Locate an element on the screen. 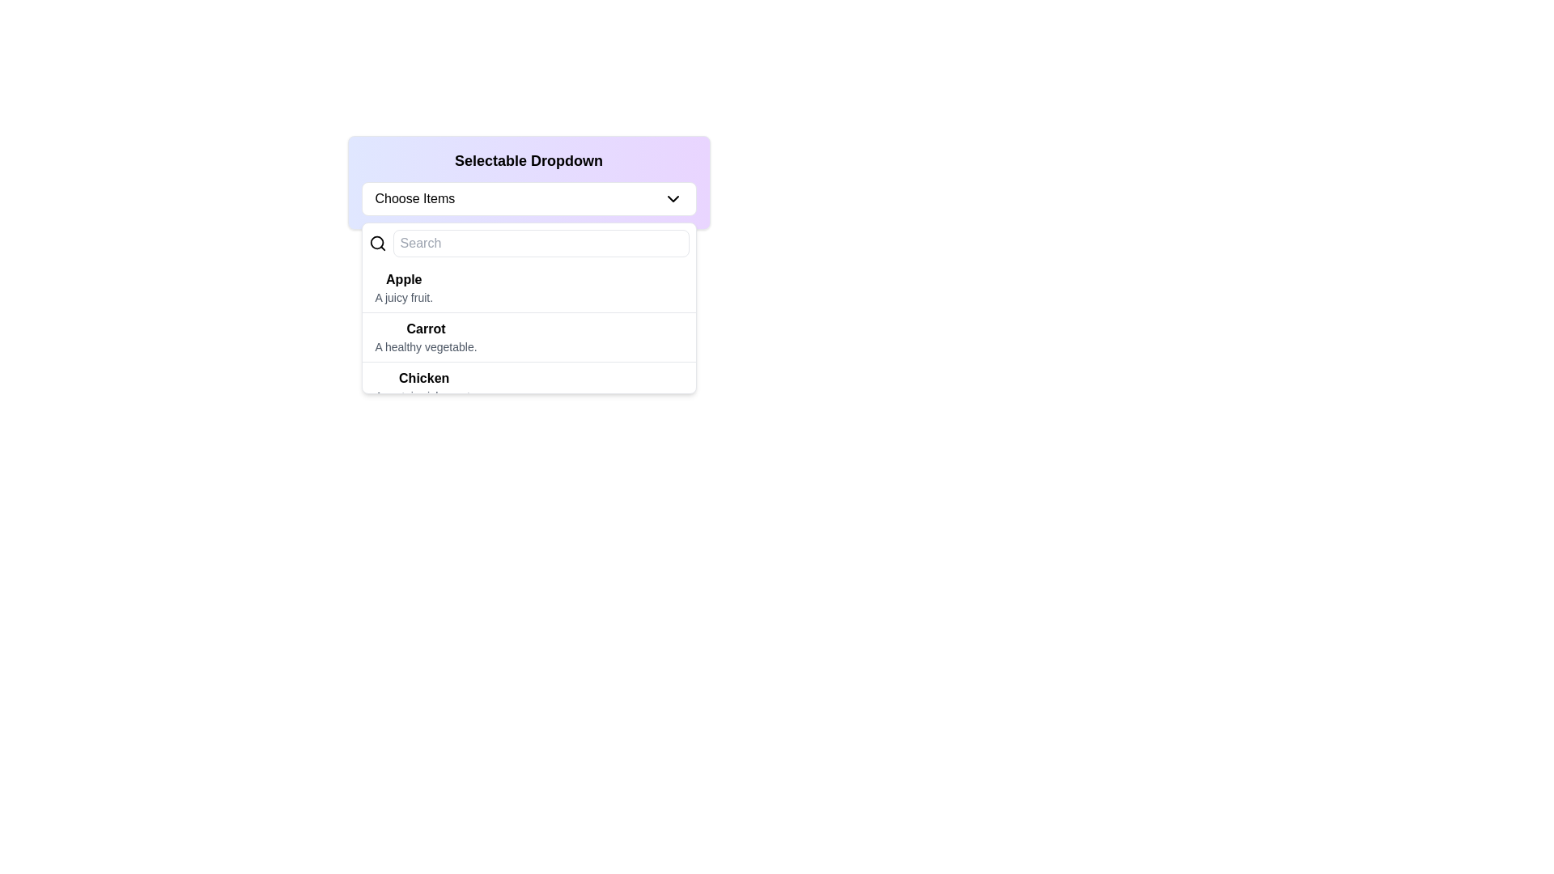  the first item in the dropdown list labeled 'Apple' by clicking on it is located at coordinates (404, 286).